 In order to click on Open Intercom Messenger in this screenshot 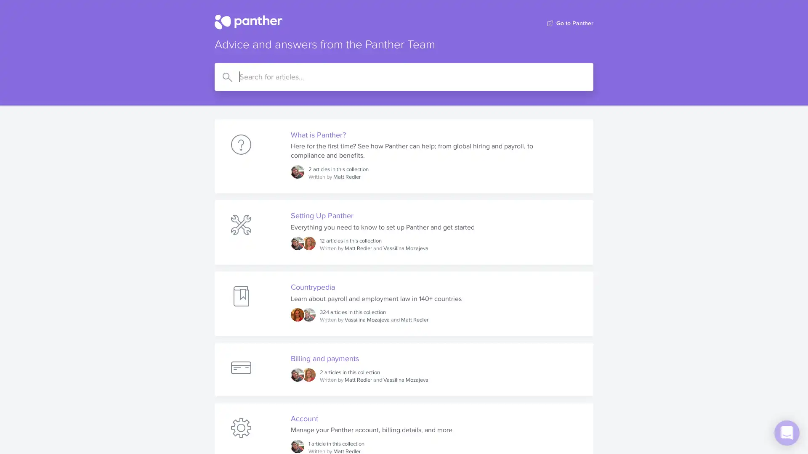, I will do `click(787, 433)`.